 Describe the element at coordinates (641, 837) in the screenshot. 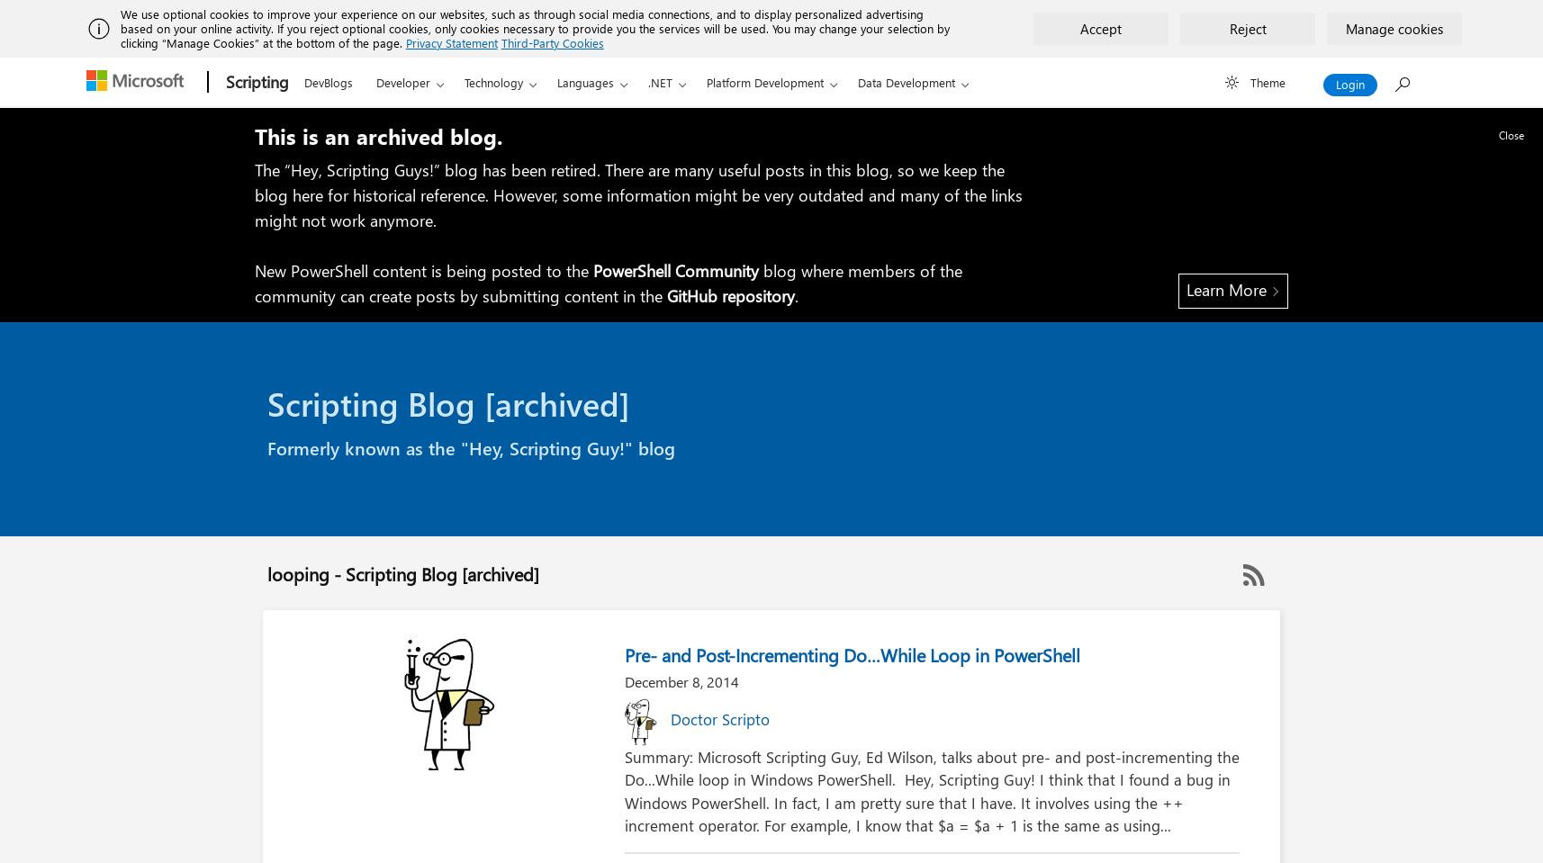

I see `'Comments are closed.'` at that location.